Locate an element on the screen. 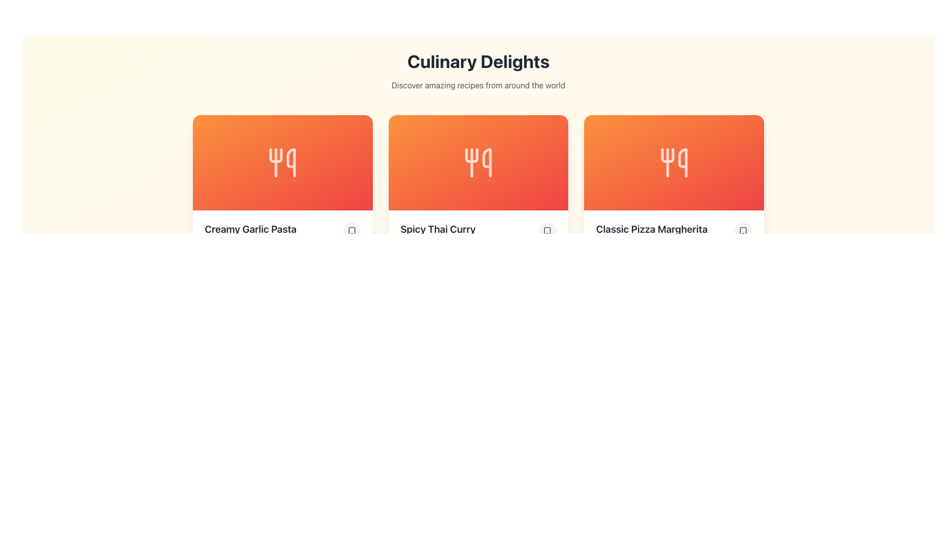 The height and width of the screenshot is (536, 952). the culinary icon located in the middle card of the three-card layout, specifically positioned within the orange gradient area labeled 'Spicy Thai Curry.' is located at coordinates (471, 155).